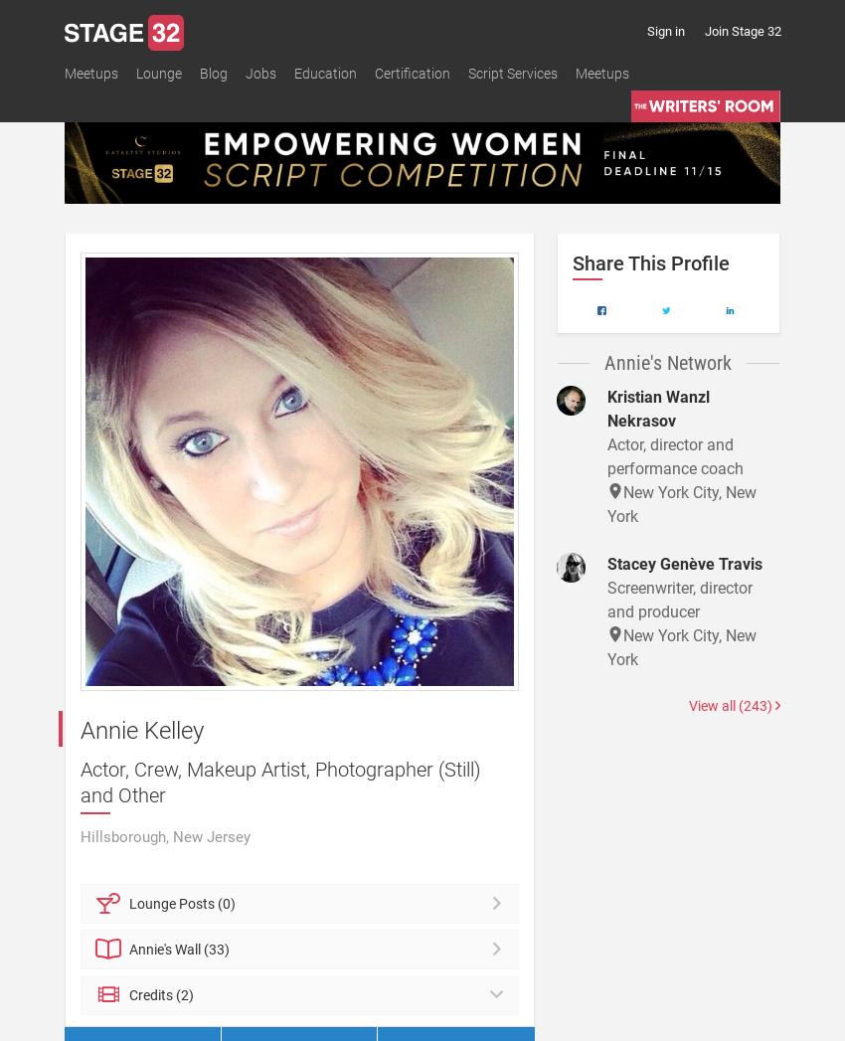 This screenshot has height=1041, width=845. Describe the element at coordinates (686, 704) in the screenshot. I see `'View all
                                            (243)'` at that location.